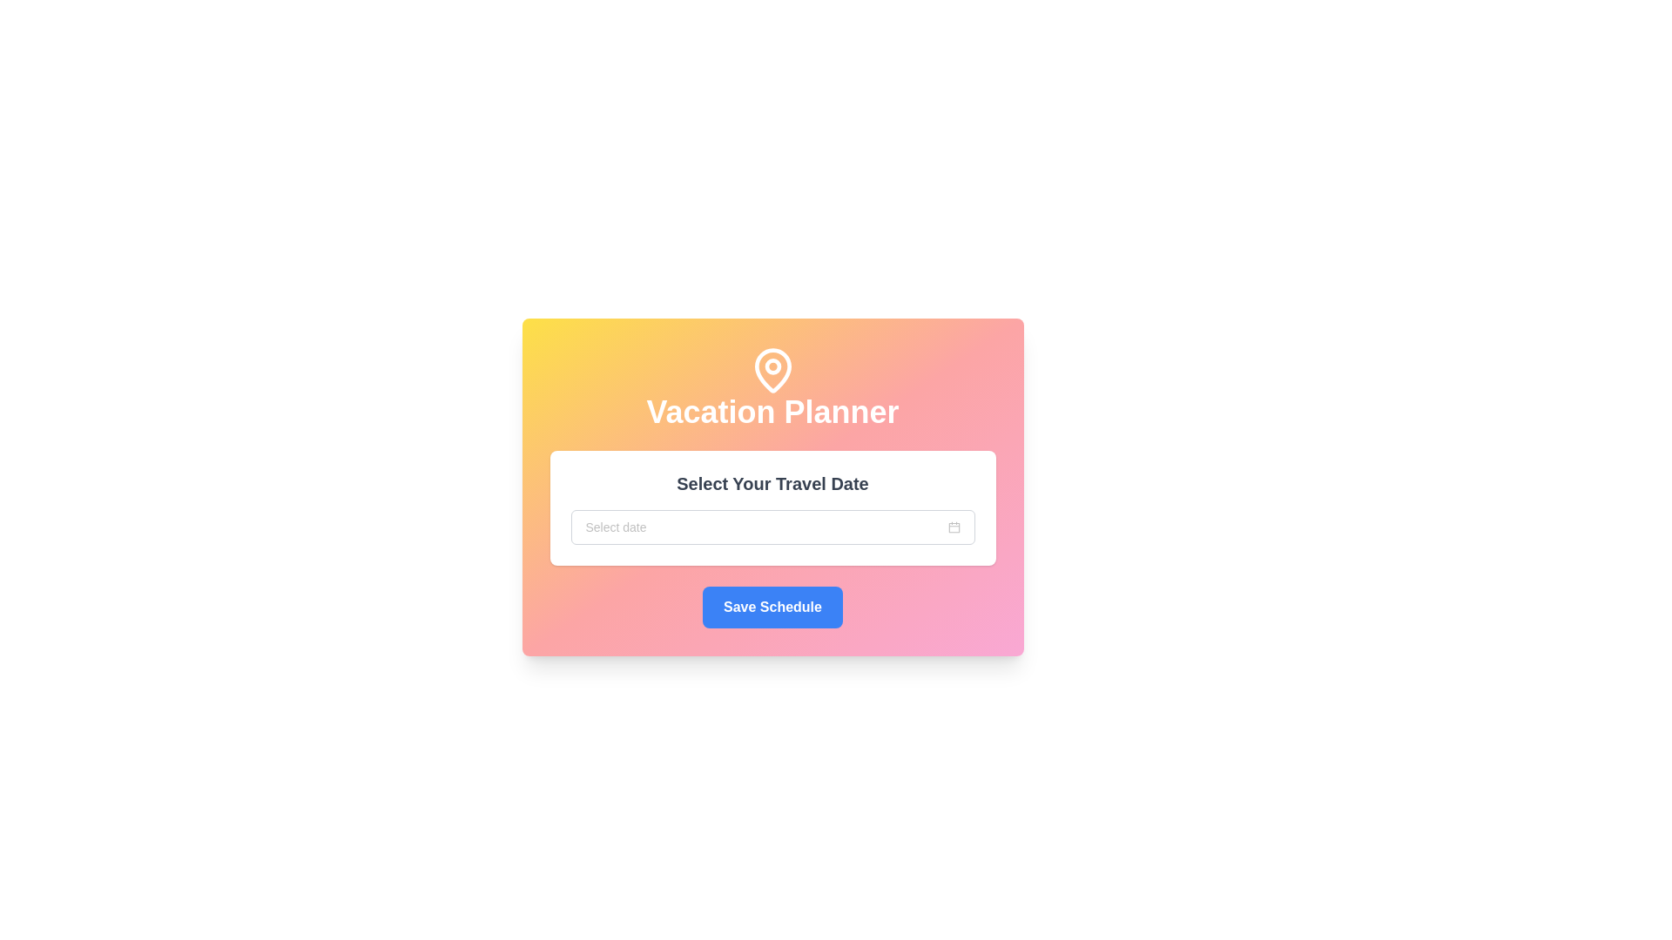 This screenshot has width=1672, height=940. I want to click on the submission button located at the bottom-center of the 'Vacation Planner' card layout, which is below the 'Select Your Travel Date' section, so click(772, 607).